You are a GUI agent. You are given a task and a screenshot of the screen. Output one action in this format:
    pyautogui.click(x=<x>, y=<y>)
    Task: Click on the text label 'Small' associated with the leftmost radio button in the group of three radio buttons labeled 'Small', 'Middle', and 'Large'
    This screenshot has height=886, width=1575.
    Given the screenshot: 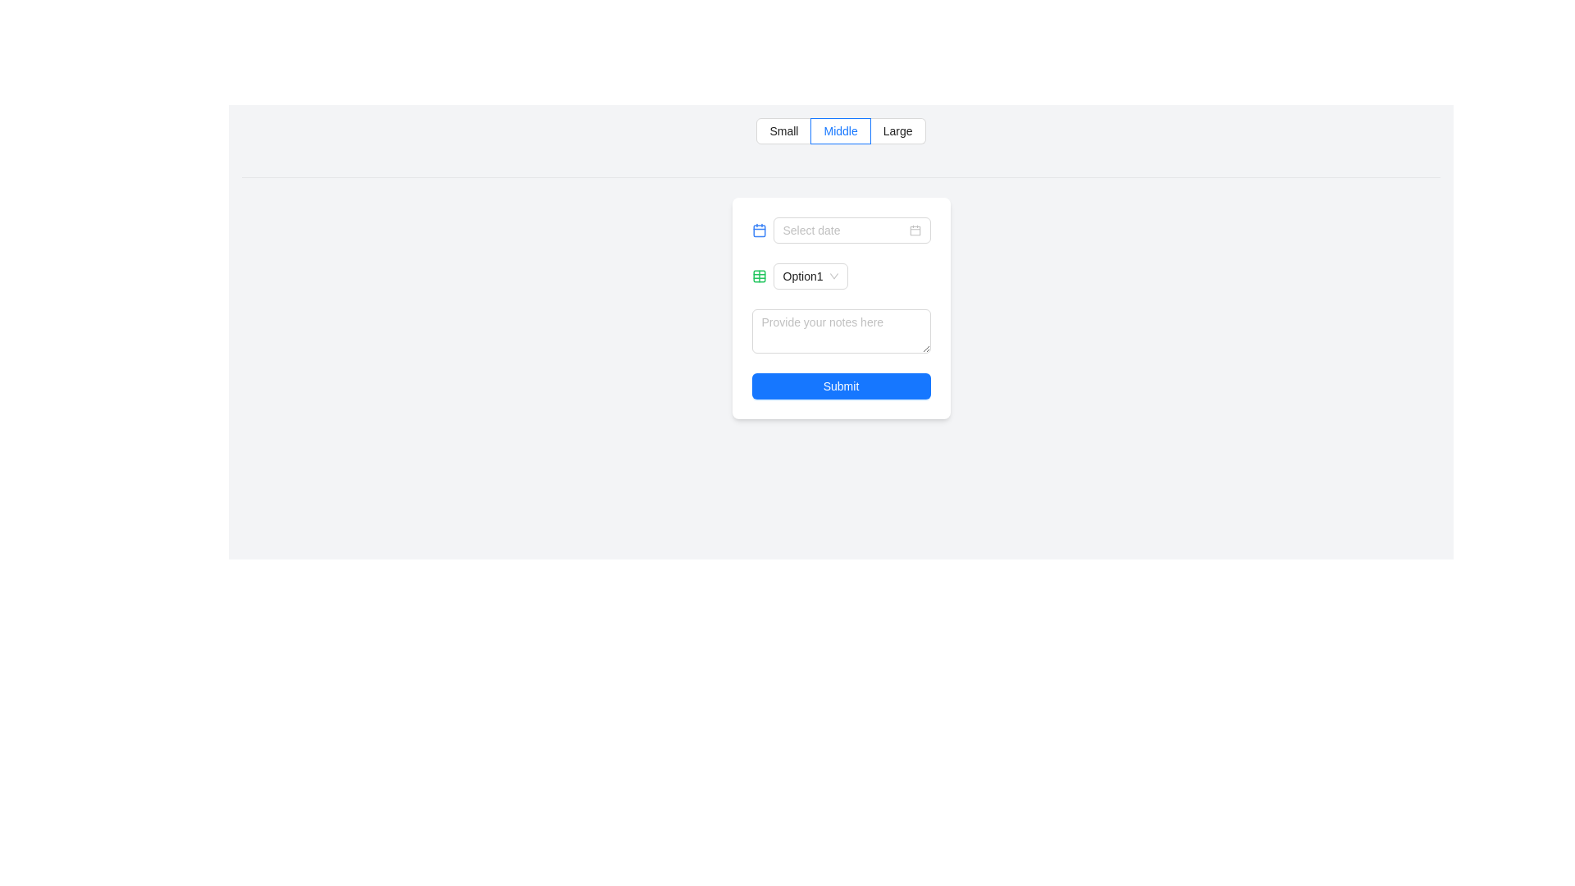 What is the action you would take?
    pyautogui.click(x=783, y=130)
    